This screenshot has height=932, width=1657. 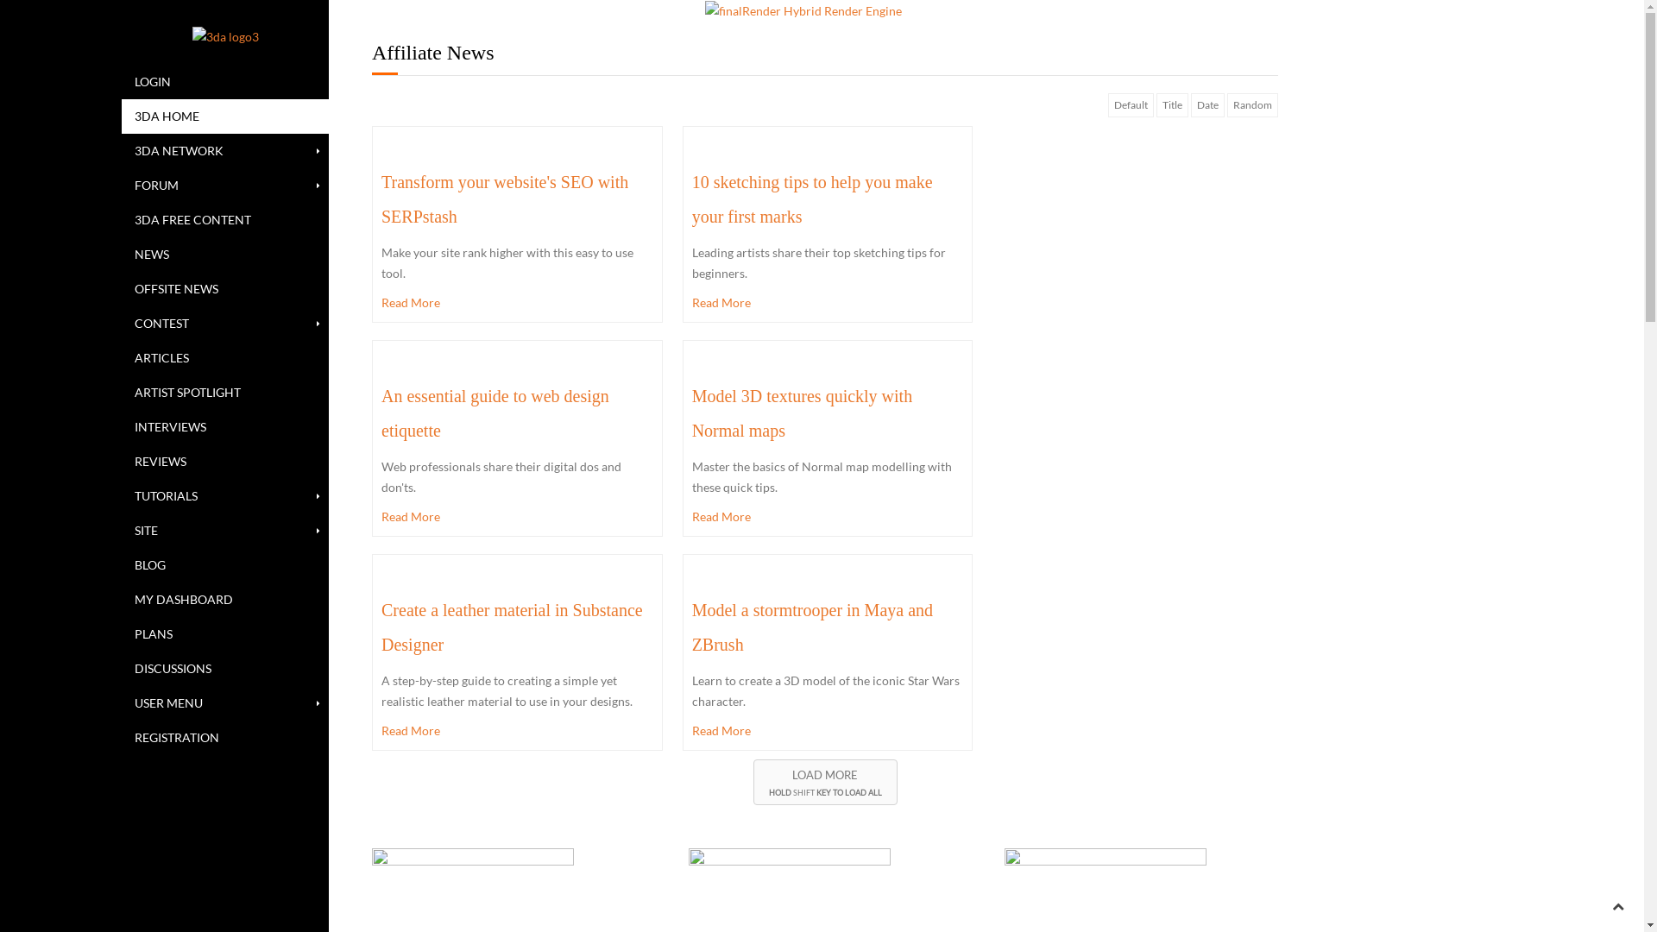 I want to click on 'INTERVIEWS', so click(x=120, y=426).